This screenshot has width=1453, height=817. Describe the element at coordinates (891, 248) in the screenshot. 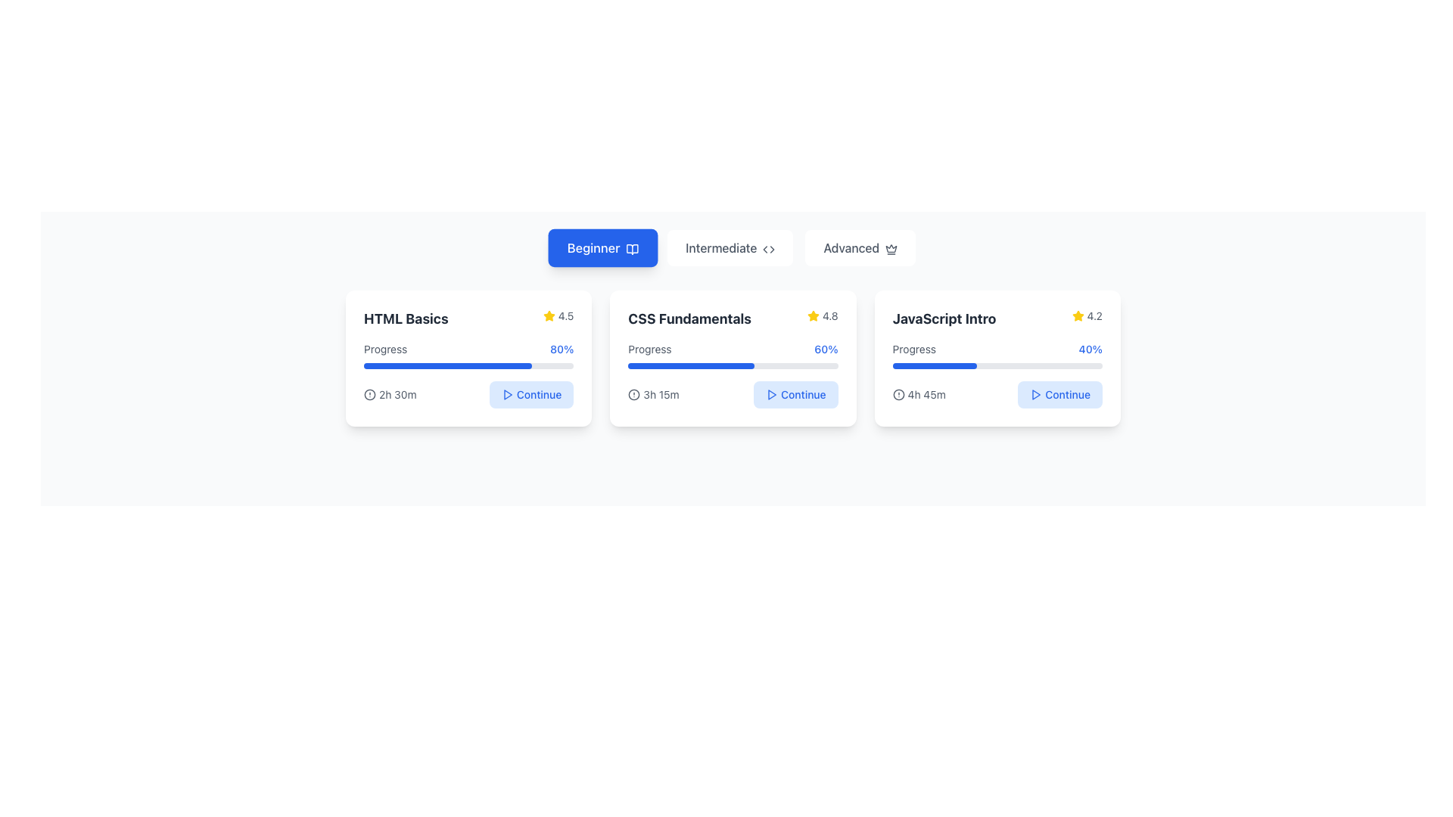

I see `the crown-shaped decorative icon located immediately to the right of the 'Advanced' text label` at that location.